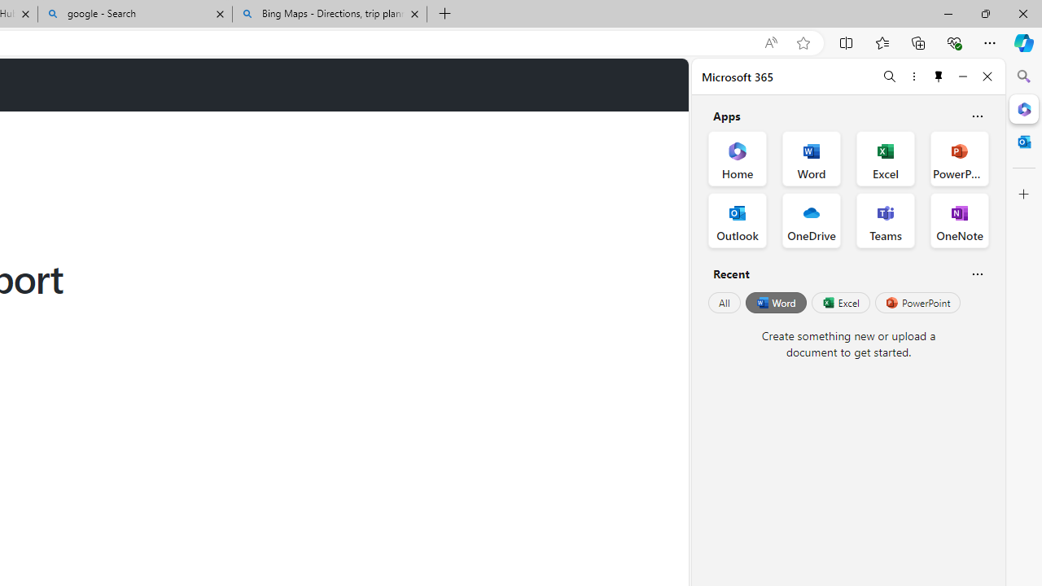 Image resolution: width=1042 pixels, height=586 pixels. What do you see at coordinates (840, 303) in the screenshot?
I see `'Excel'` at bounding box center [840, 303].